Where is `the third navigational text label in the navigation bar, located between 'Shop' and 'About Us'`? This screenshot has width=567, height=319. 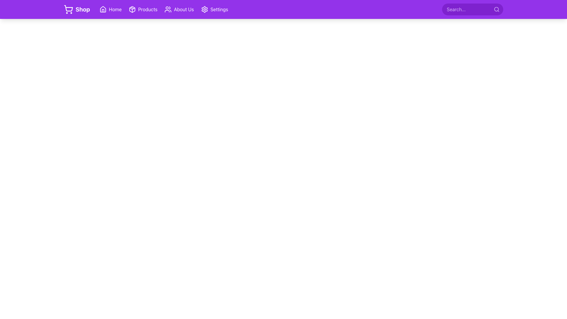
the third navigational text label in the navigation bar, located between 'Shop' and 'About Us' is located at coordinates (148, 9).